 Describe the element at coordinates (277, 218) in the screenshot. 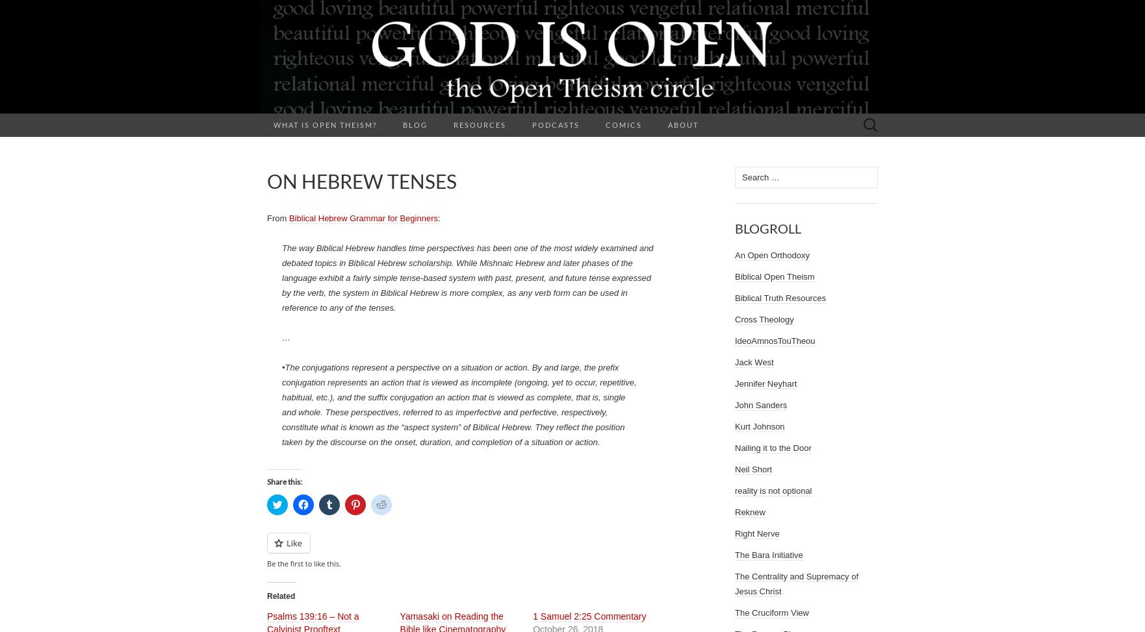

I see `'From'` at that location.